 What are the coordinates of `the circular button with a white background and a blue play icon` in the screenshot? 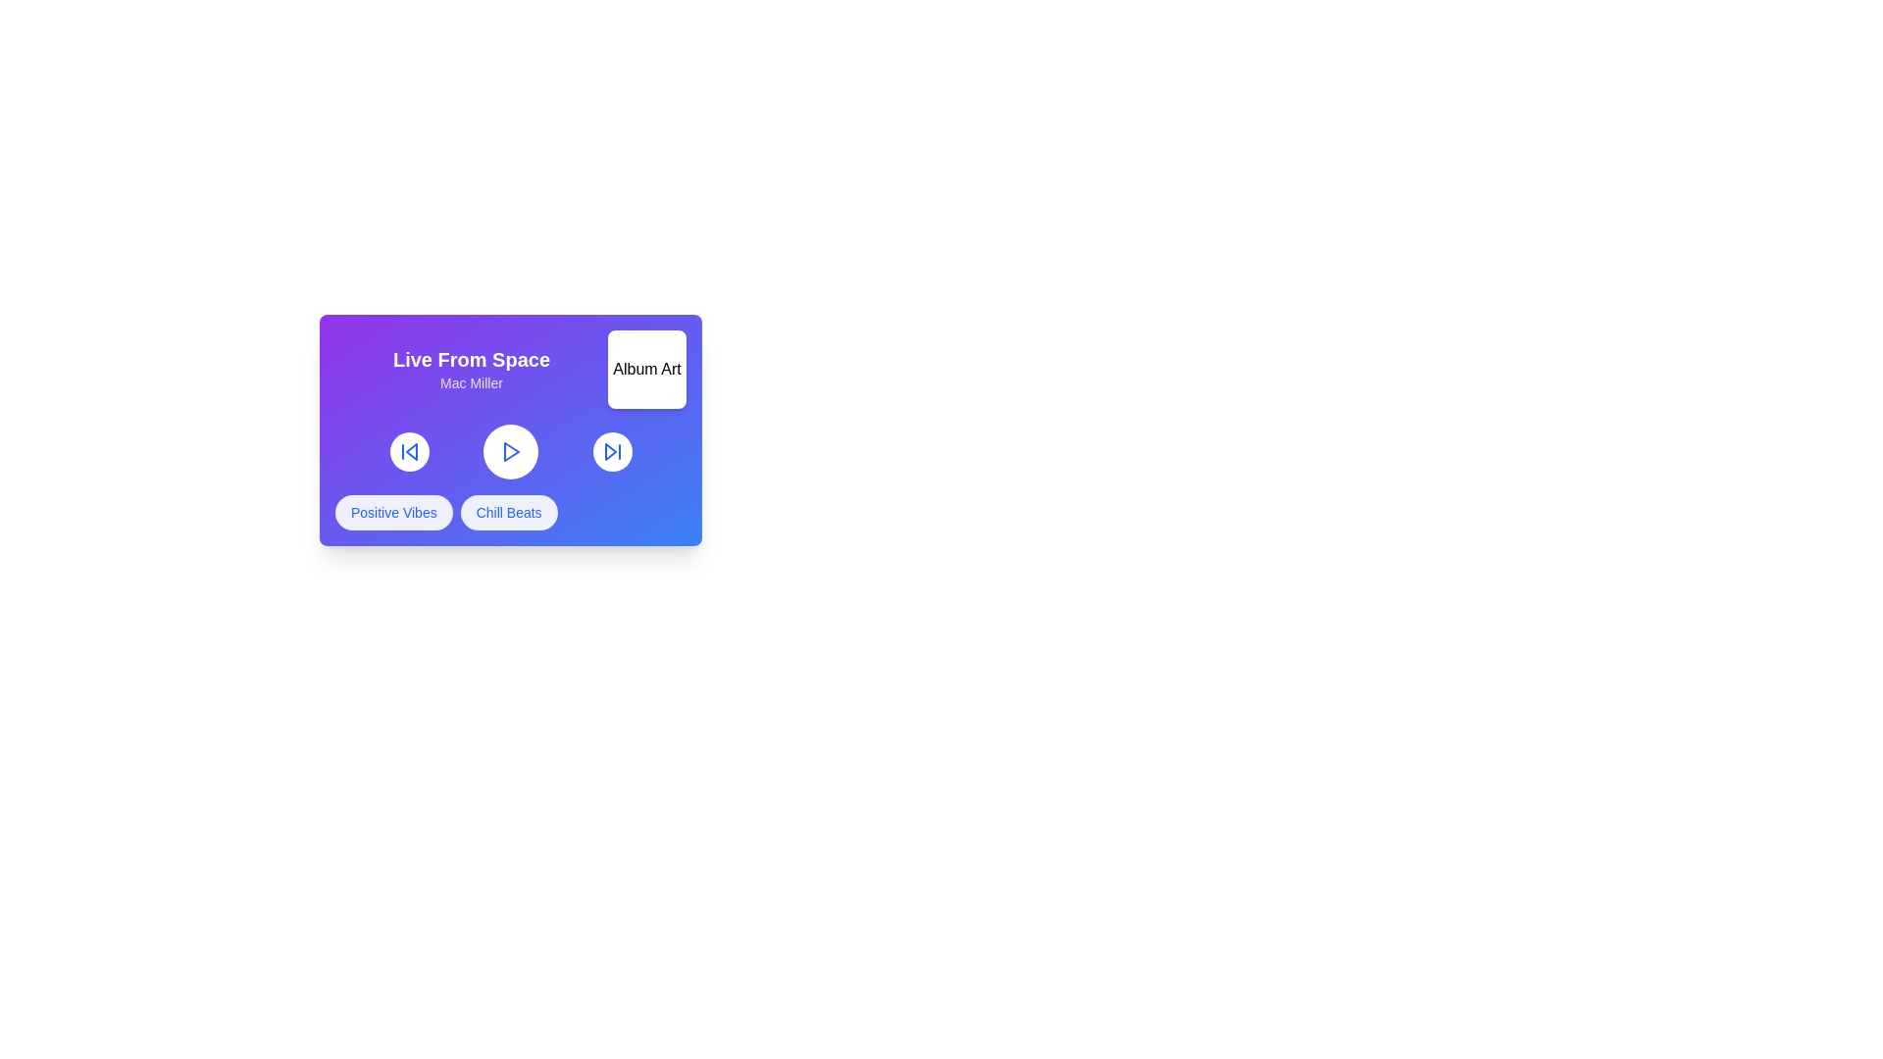 It's located at (511, 452).